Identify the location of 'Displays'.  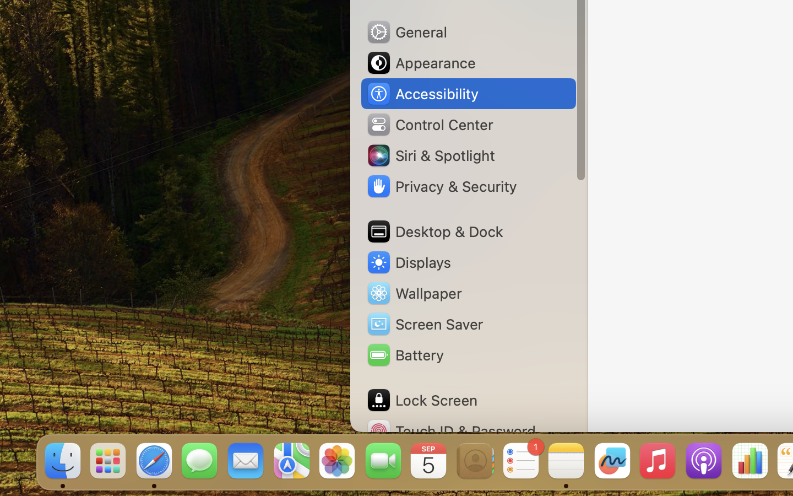
(408, 262).